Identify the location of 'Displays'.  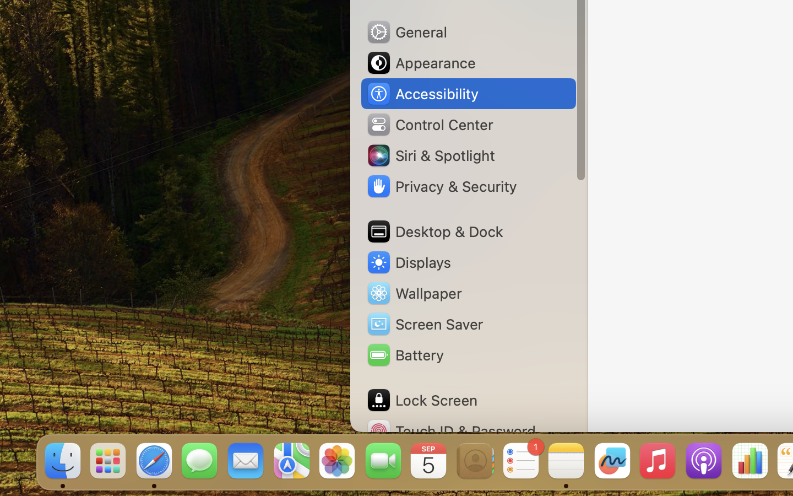
(408, 262).